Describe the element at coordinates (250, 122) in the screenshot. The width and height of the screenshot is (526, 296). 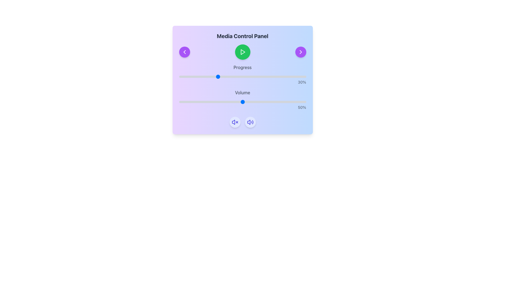
I see `the circular volume button with a light indigo background and volume icon` at that location.